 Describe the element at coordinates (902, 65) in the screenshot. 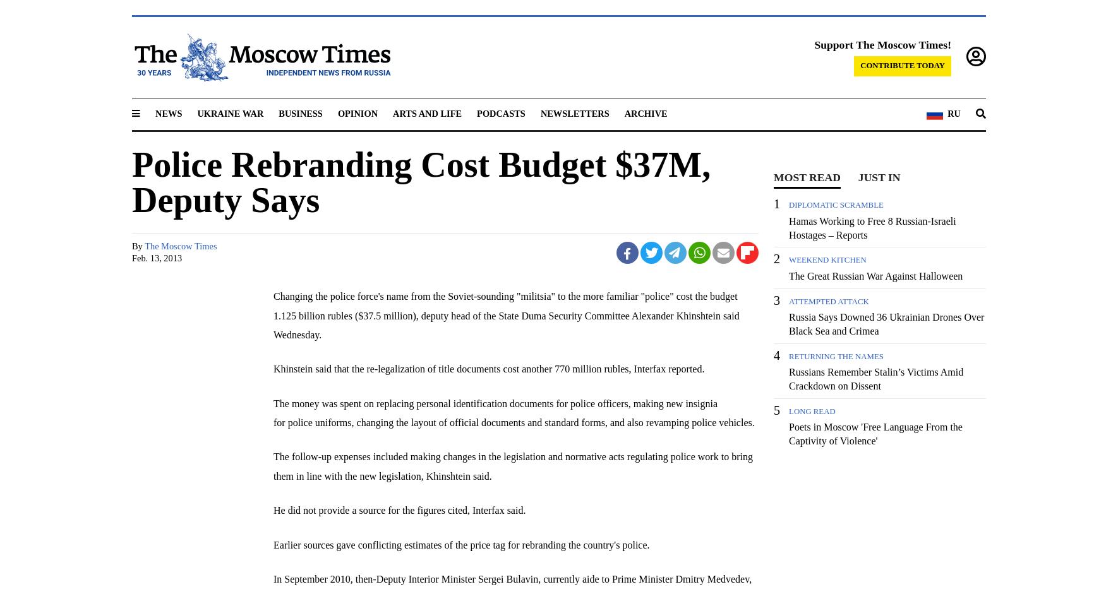

I see `'Contribute today'` at that location.